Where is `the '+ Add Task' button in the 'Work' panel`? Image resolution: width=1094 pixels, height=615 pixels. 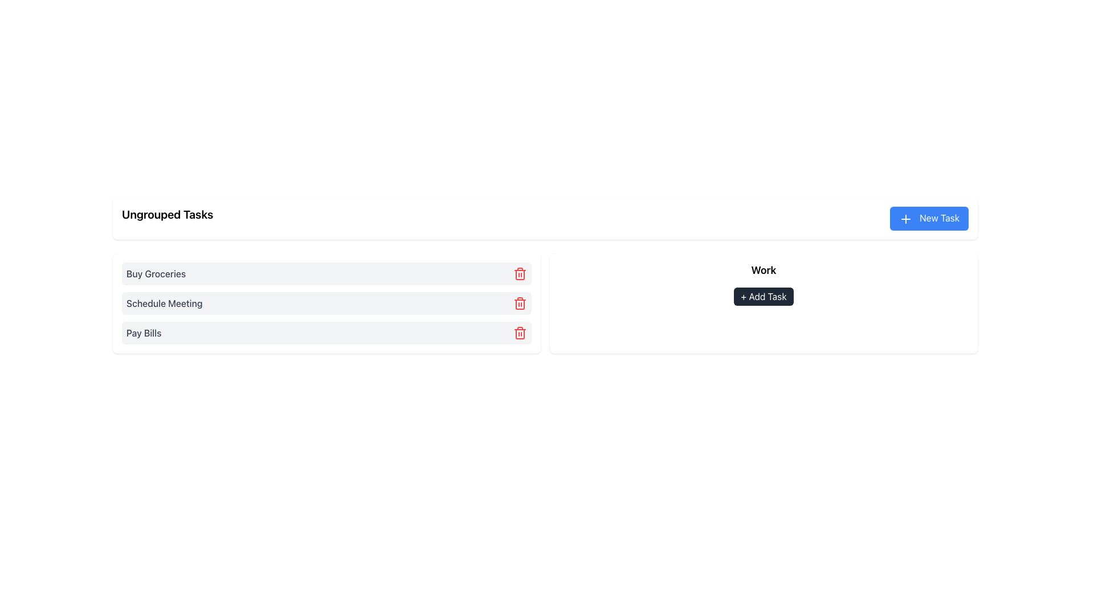
the '+ Add Task' button in the 'Work' panel is located at coordinates (764, 302).